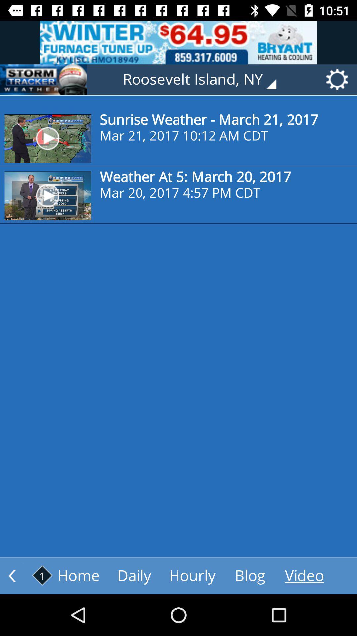 The width and height of the screenshot is (357, 636). I want to click on advertisements, so click(178, 42).